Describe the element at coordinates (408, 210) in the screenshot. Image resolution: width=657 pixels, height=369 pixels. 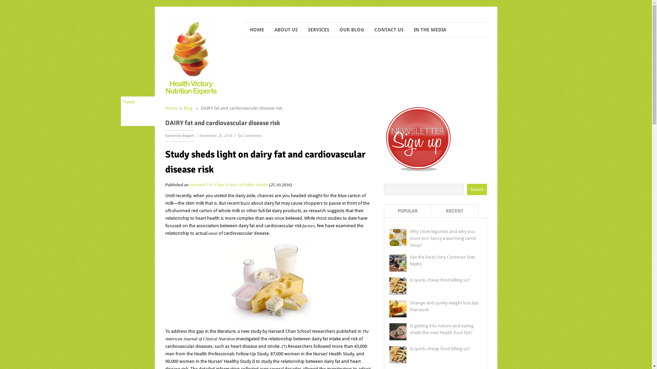
I see `'POPULAR'` at that location.